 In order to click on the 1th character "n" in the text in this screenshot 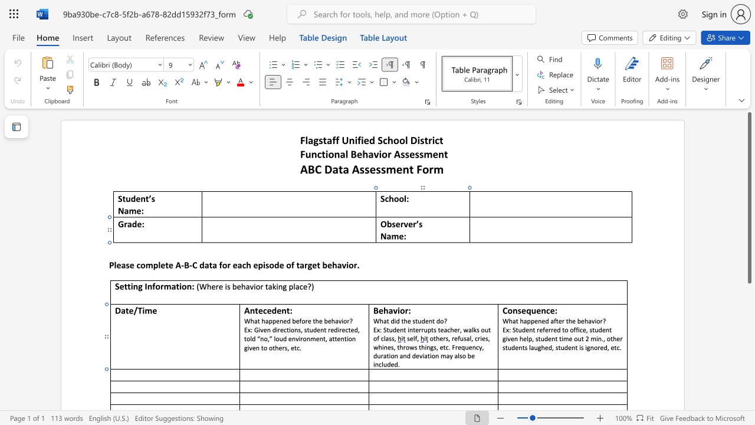, I will do `click(402, 329)`.